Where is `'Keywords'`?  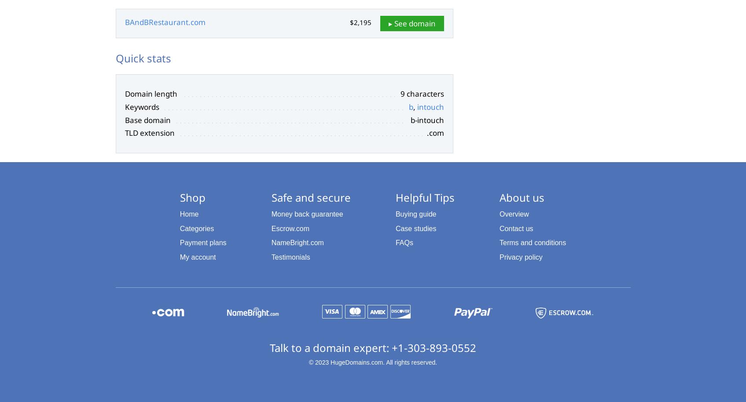 'Keywords' is located at coordinates (142, 106).